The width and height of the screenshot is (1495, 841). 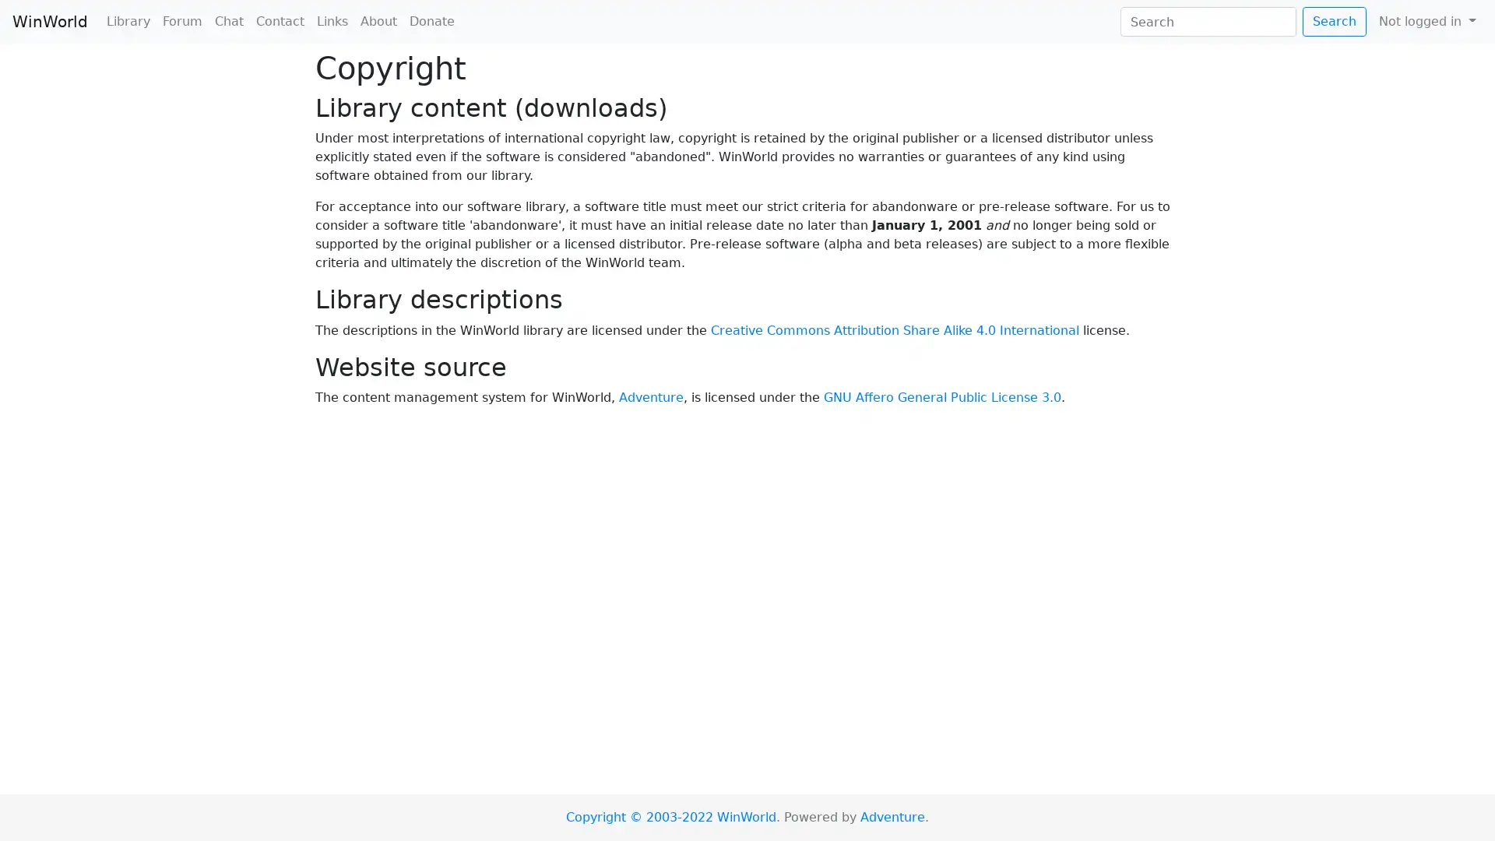 I want to click on Search, so click(x=1333, y=21).